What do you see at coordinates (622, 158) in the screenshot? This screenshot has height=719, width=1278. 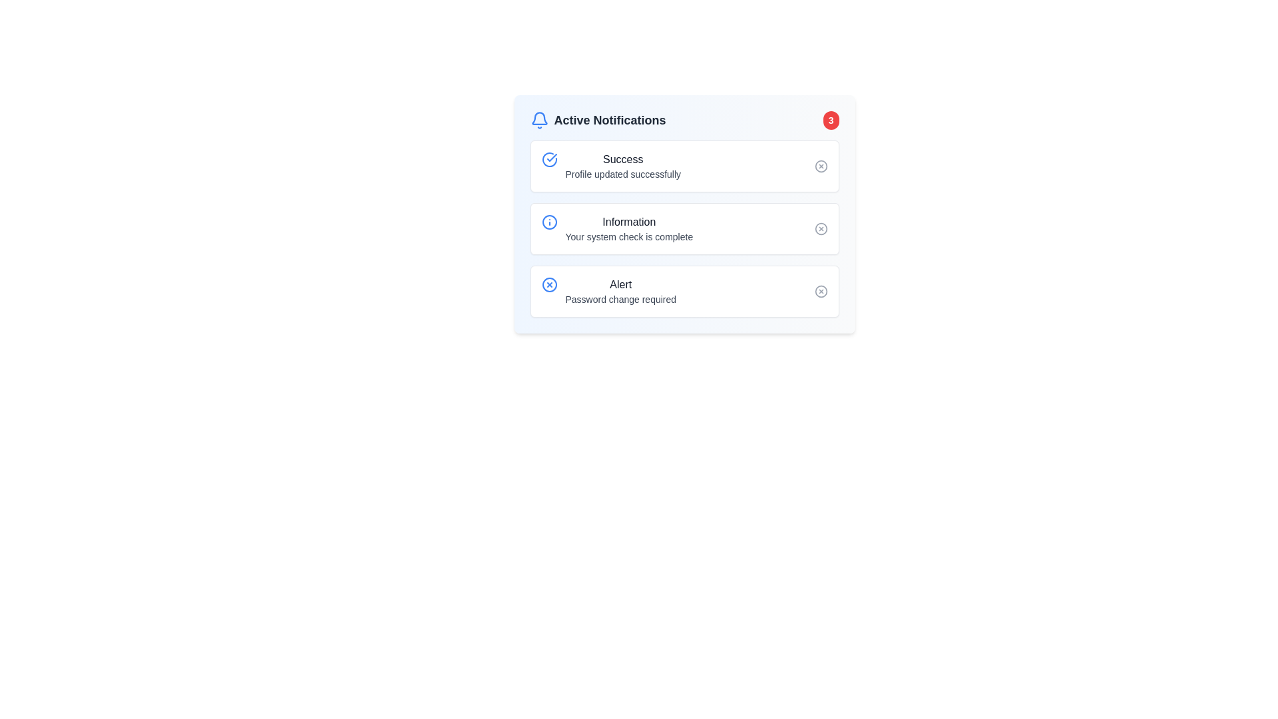 I see `information from the Text label that serves as the title of the notification indicating a successful action, located at the top of the 'Active Notifications' card` at bounding box center [622, 158].